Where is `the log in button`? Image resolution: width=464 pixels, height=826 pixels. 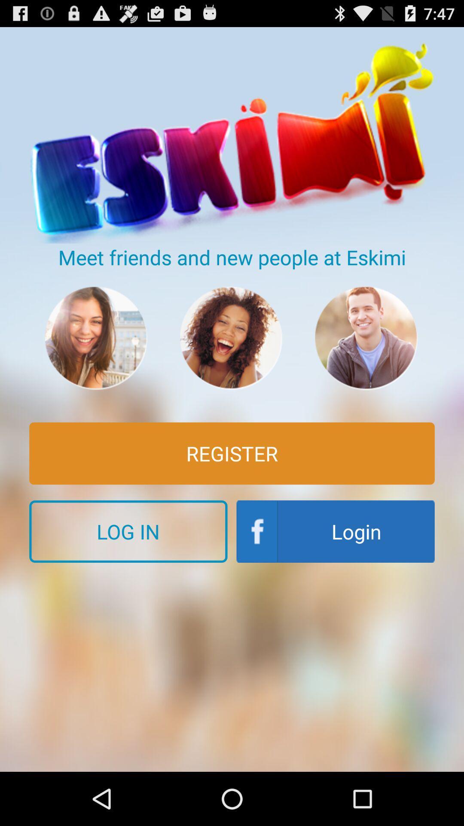 the log in button is located at coordinates (128, 531).